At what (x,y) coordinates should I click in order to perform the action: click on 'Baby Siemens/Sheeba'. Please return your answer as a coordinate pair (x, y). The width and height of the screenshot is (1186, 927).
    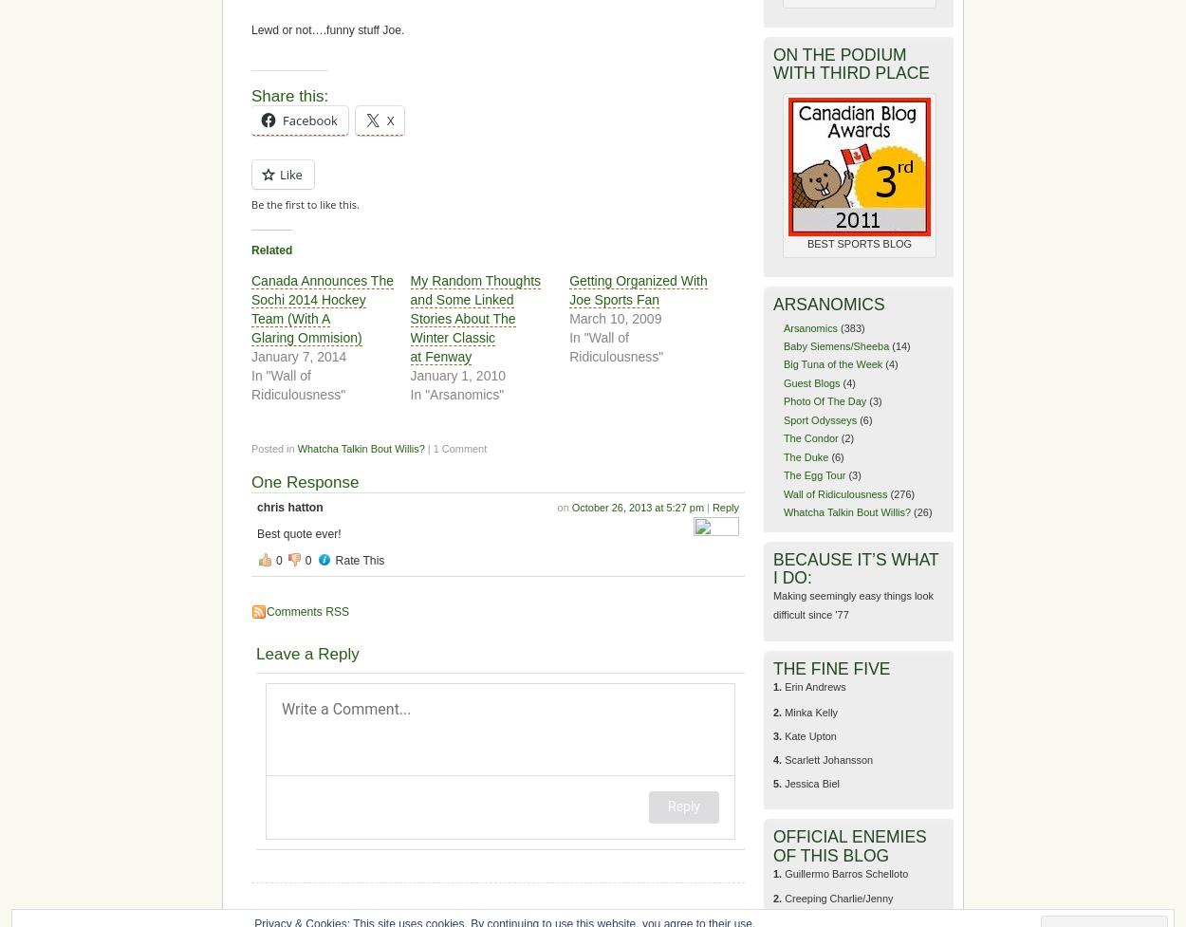
    Looking at the image, I should click on (836, 346).